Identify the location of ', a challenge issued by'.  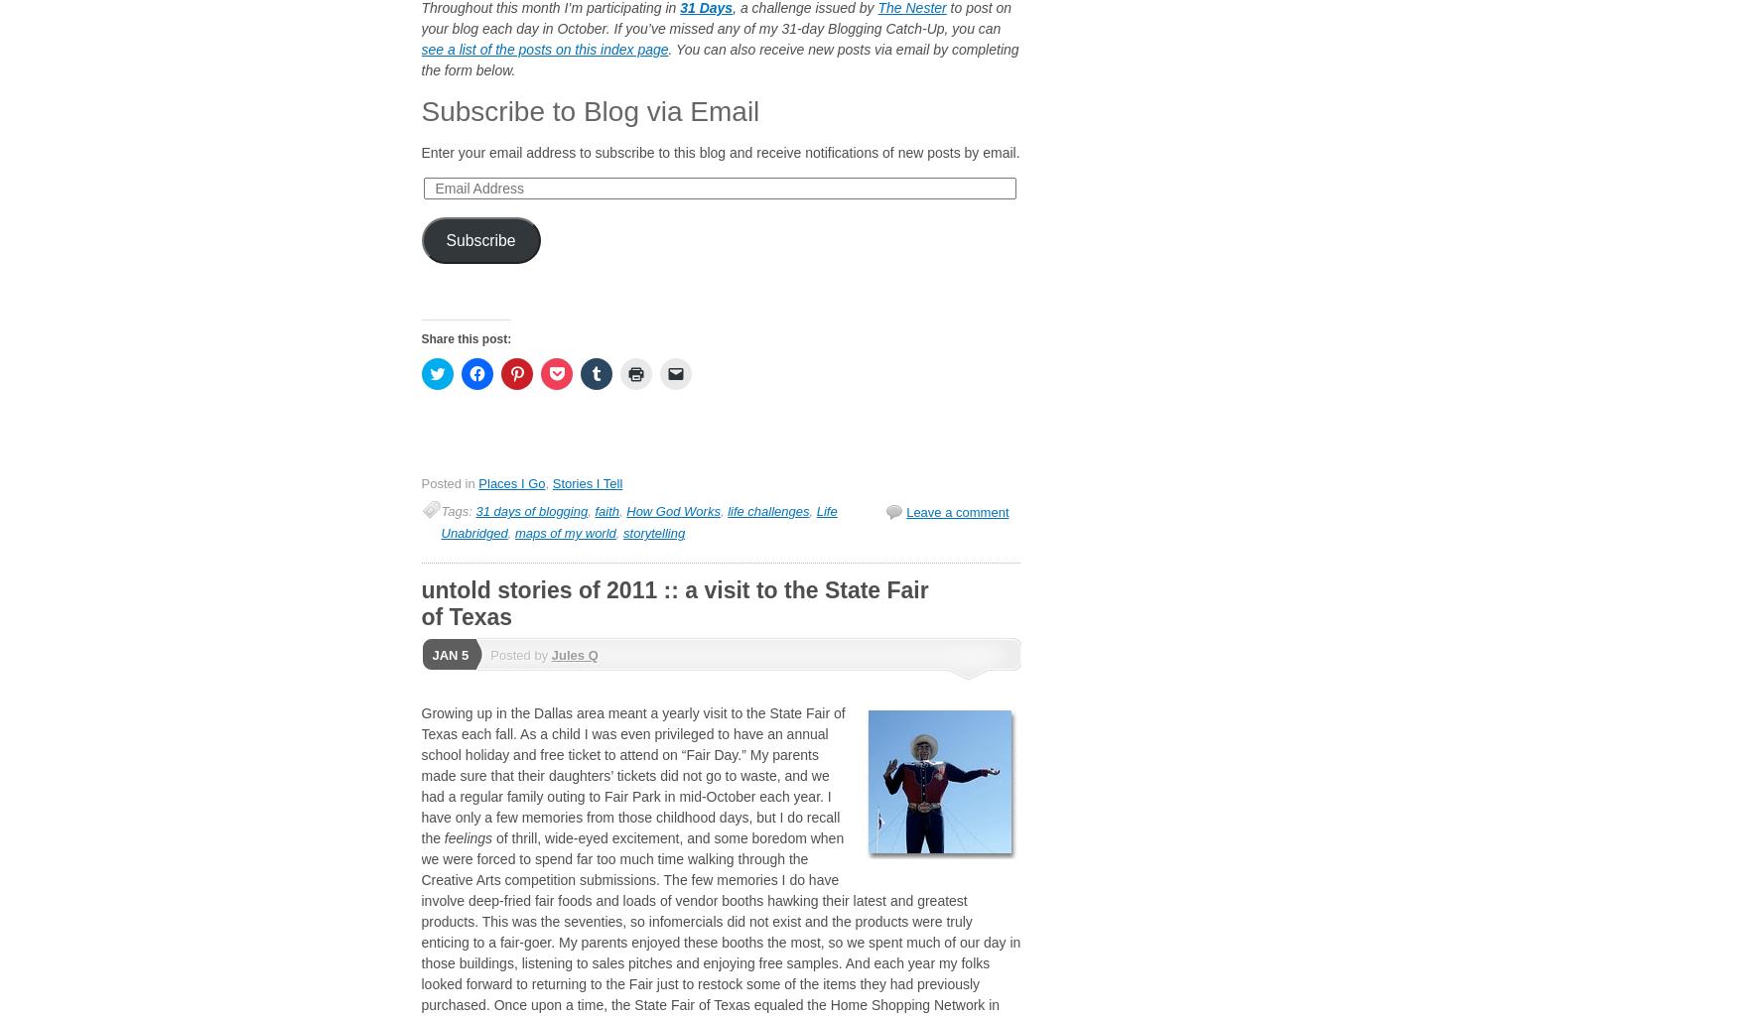
(804, 8).